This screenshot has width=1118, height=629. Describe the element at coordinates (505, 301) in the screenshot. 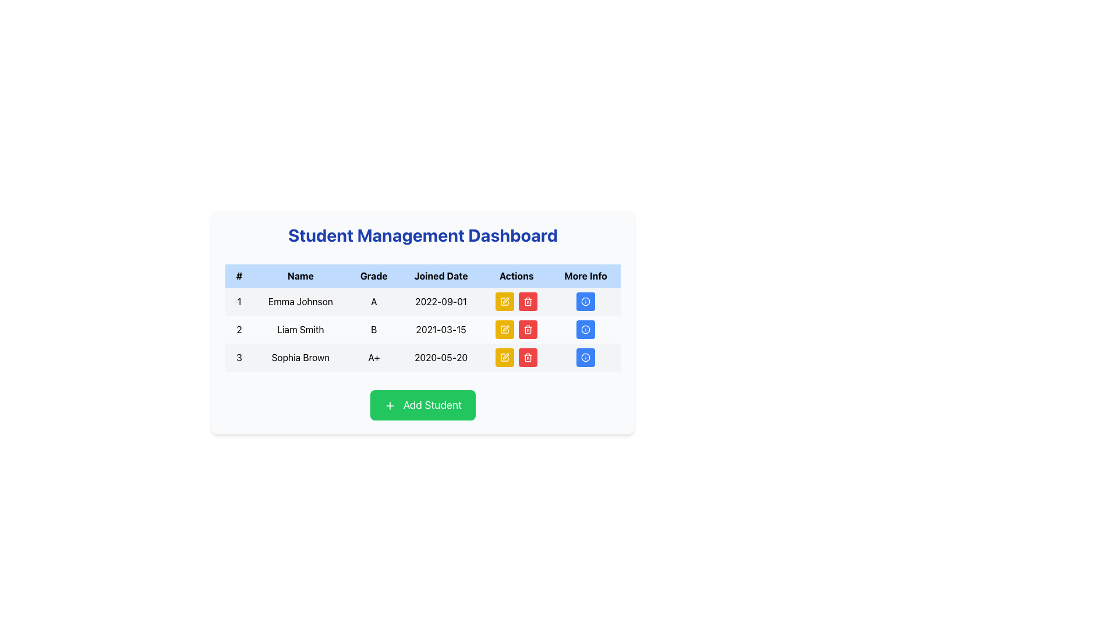

I see `the edit button in the 'Actions' column for the row corresponding to 'Emma Johnson'` at that location.